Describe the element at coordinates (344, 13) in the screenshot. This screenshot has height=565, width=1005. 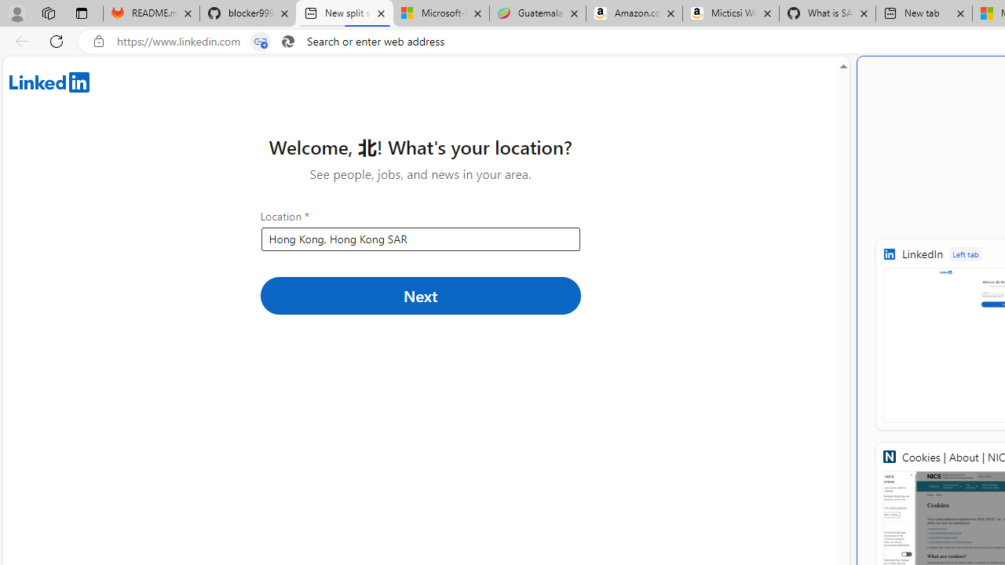
I see `'New split screen'` at that location.